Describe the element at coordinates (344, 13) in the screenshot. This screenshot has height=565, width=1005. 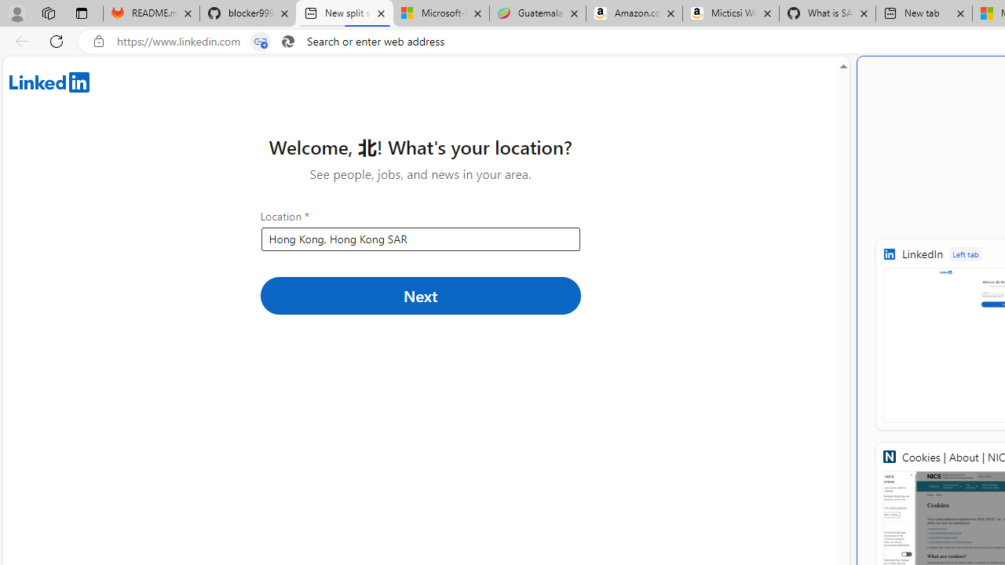
I see `'New split screen'` at that location.